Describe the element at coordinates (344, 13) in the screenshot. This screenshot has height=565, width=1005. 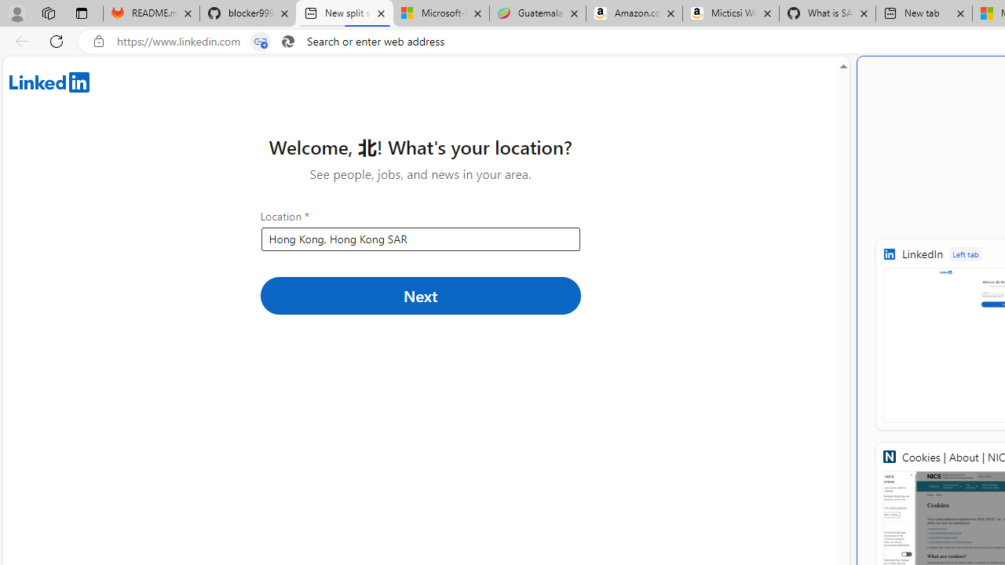
I see `'New split screen'` at that location.